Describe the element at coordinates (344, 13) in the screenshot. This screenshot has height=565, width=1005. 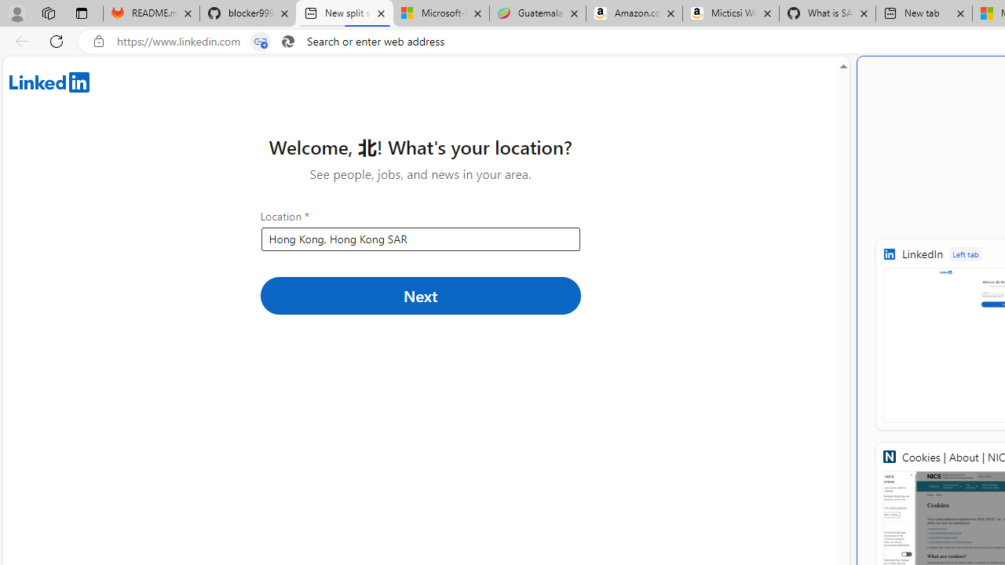
I see `'New split screen'` at that location.